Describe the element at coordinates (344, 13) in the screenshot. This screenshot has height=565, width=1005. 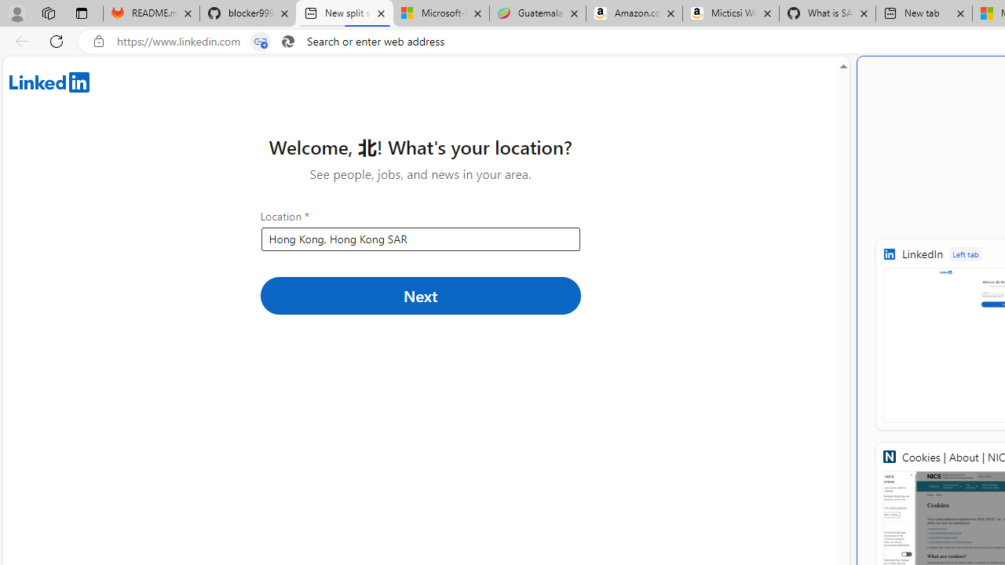
I see `'New split screen'` at that location.